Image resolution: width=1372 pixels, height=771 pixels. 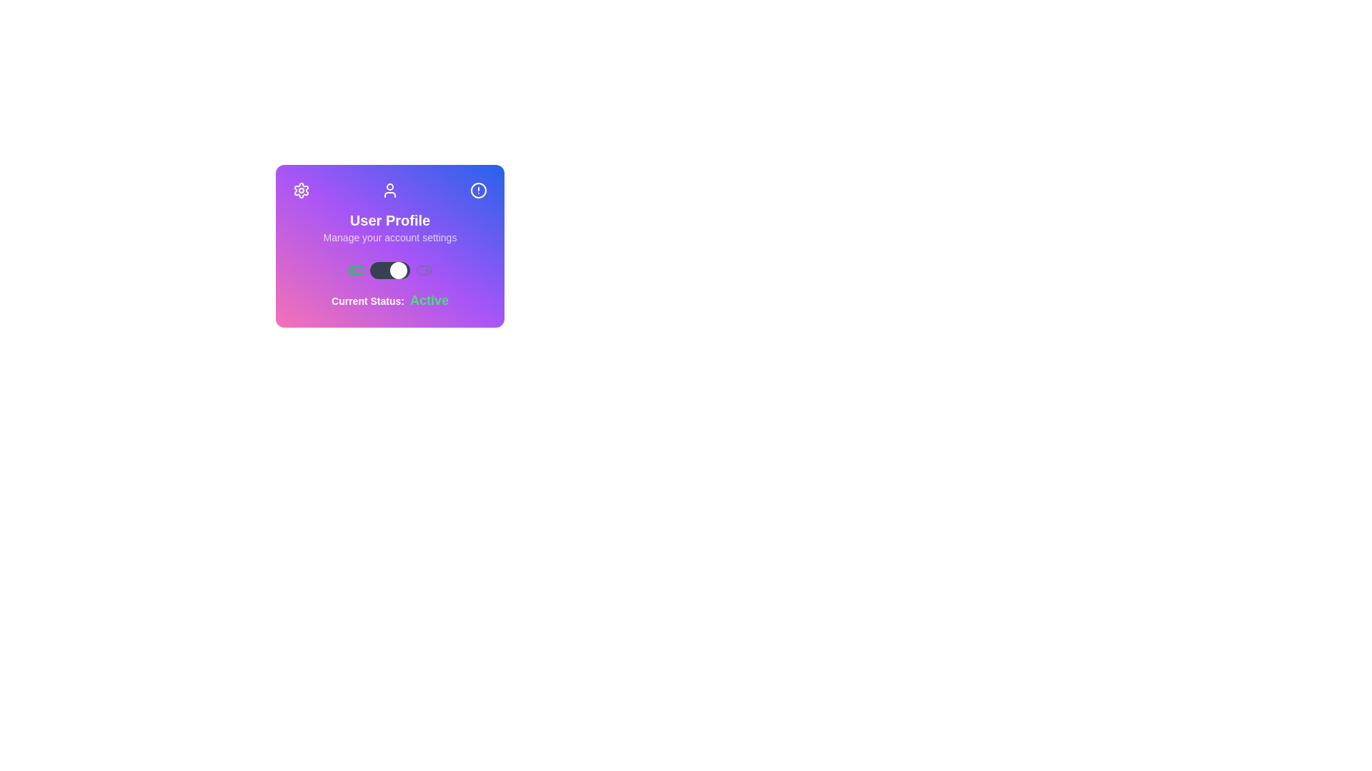 I want to click on the toggle switch located below the 'Manage your account settings' text and above the 'Current Status: Active' label, so click(x=390, y=270).